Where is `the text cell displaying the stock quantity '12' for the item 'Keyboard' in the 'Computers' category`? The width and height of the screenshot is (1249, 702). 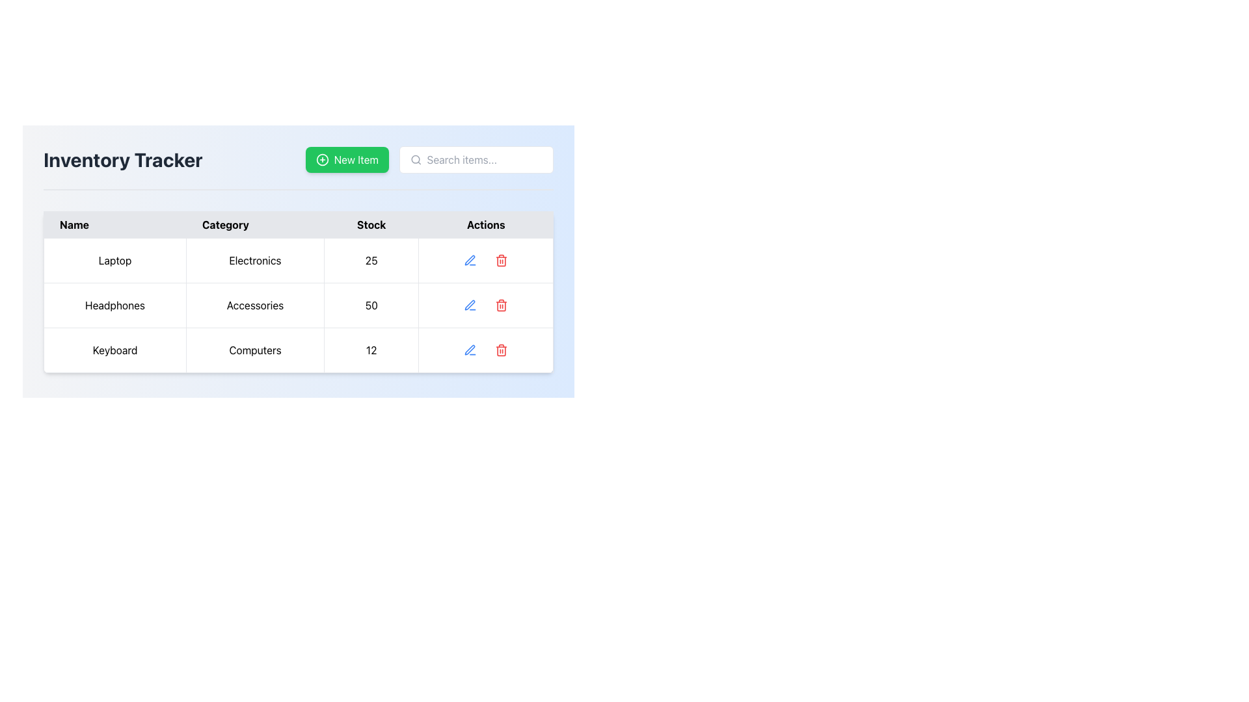 the text cell displaying the stock quantity '12' for the item 'Keyboard' in the 'Computers' category is located at coordinates (371, 350).